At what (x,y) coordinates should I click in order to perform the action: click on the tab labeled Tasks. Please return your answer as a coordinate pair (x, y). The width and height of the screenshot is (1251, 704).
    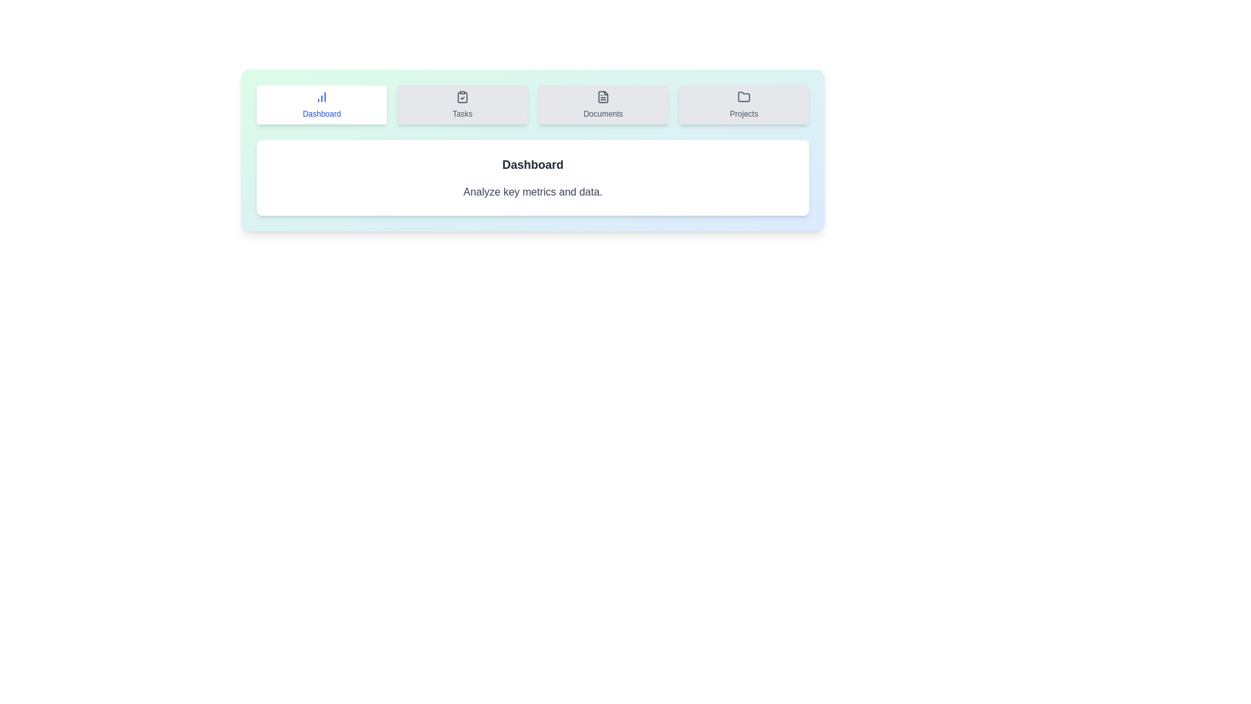
    Looking at the image, I should click on (463, 104).